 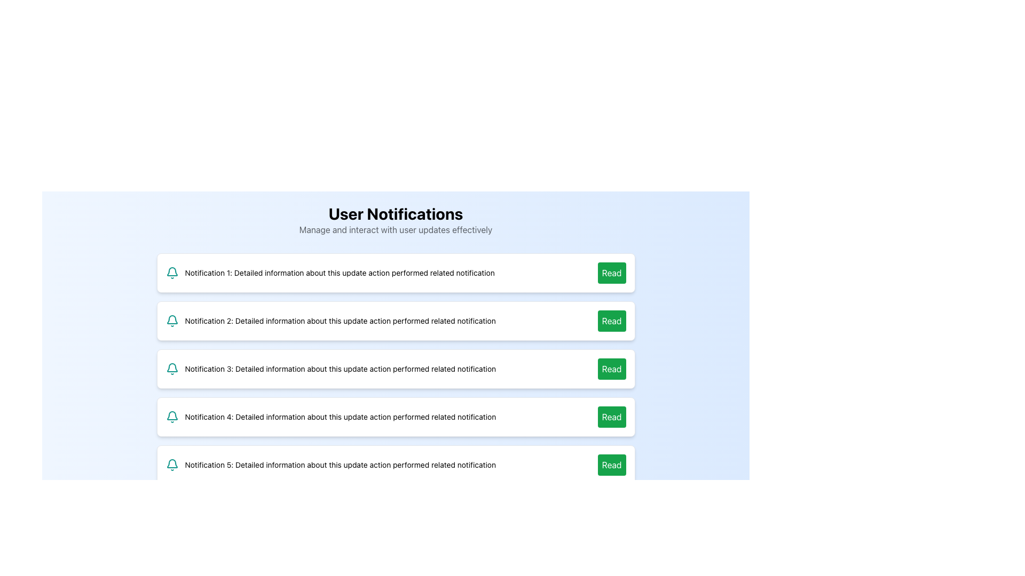 I want to click on notification text for 'Notification 2: Detailed information about this update action performed related notification' located in the second row of notifications, which includes a teal bell icon, so click(x=330, y=320).